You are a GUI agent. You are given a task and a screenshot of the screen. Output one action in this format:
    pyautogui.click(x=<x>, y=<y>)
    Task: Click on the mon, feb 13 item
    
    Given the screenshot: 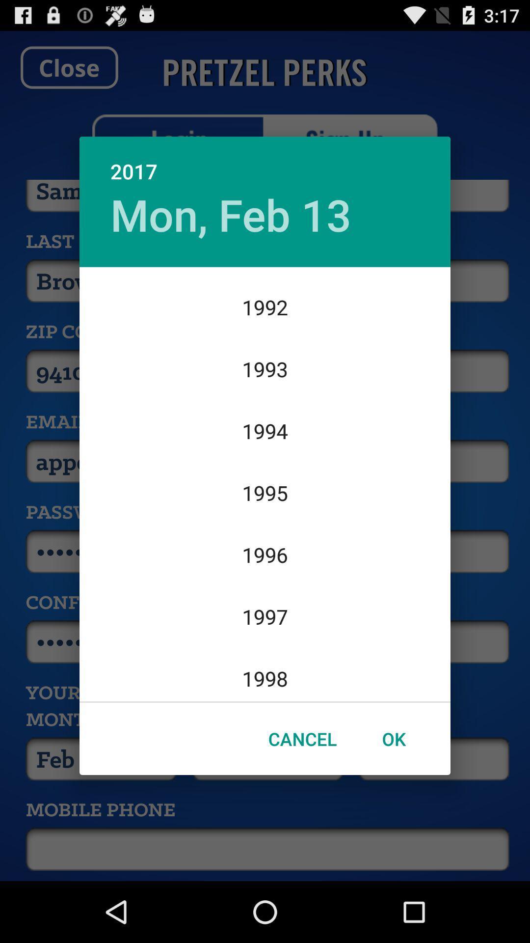 What is the action you would take?
    pyautogui.click(x=231, y=214)
    